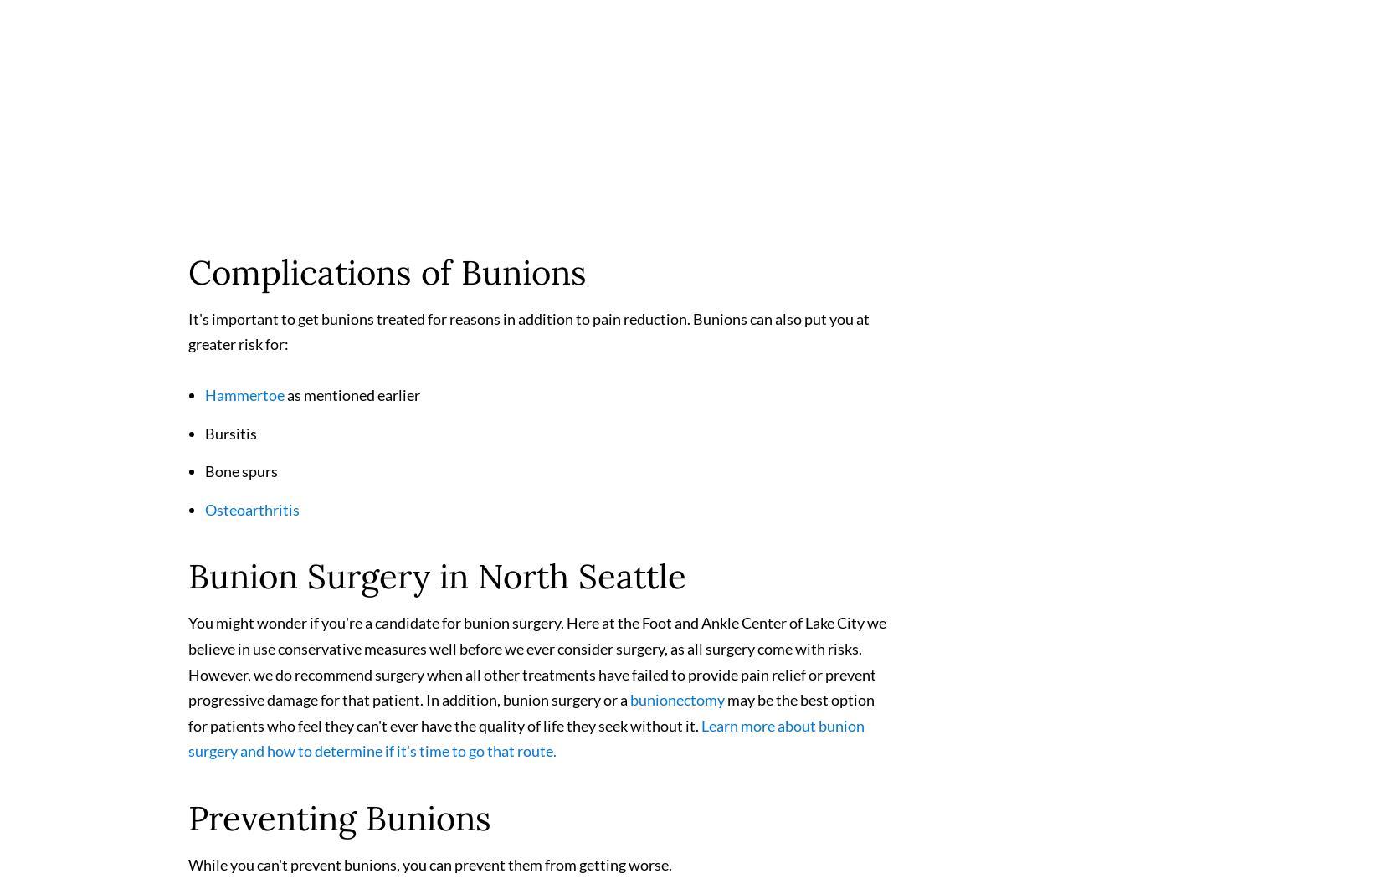 The height and width of the screenshot is (894, 1381). Describe the element at coordinates (525, 744) in the screenshot. I see `'Learn more about bunion surgery and how to determine if it's time to go that route.'` at that location.